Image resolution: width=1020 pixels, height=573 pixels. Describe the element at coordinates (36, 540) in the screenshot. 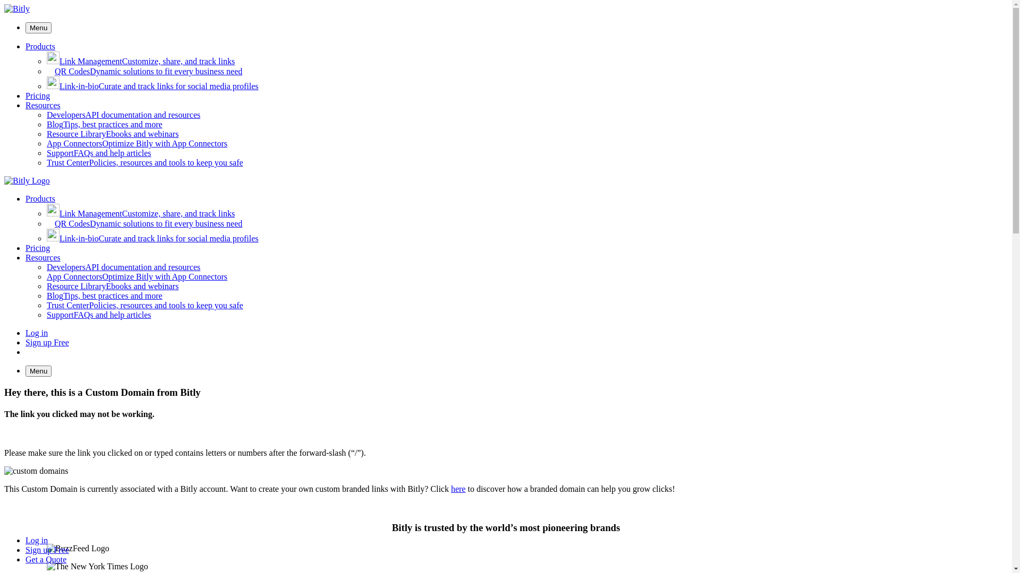

I see `'Log in'` at that location.